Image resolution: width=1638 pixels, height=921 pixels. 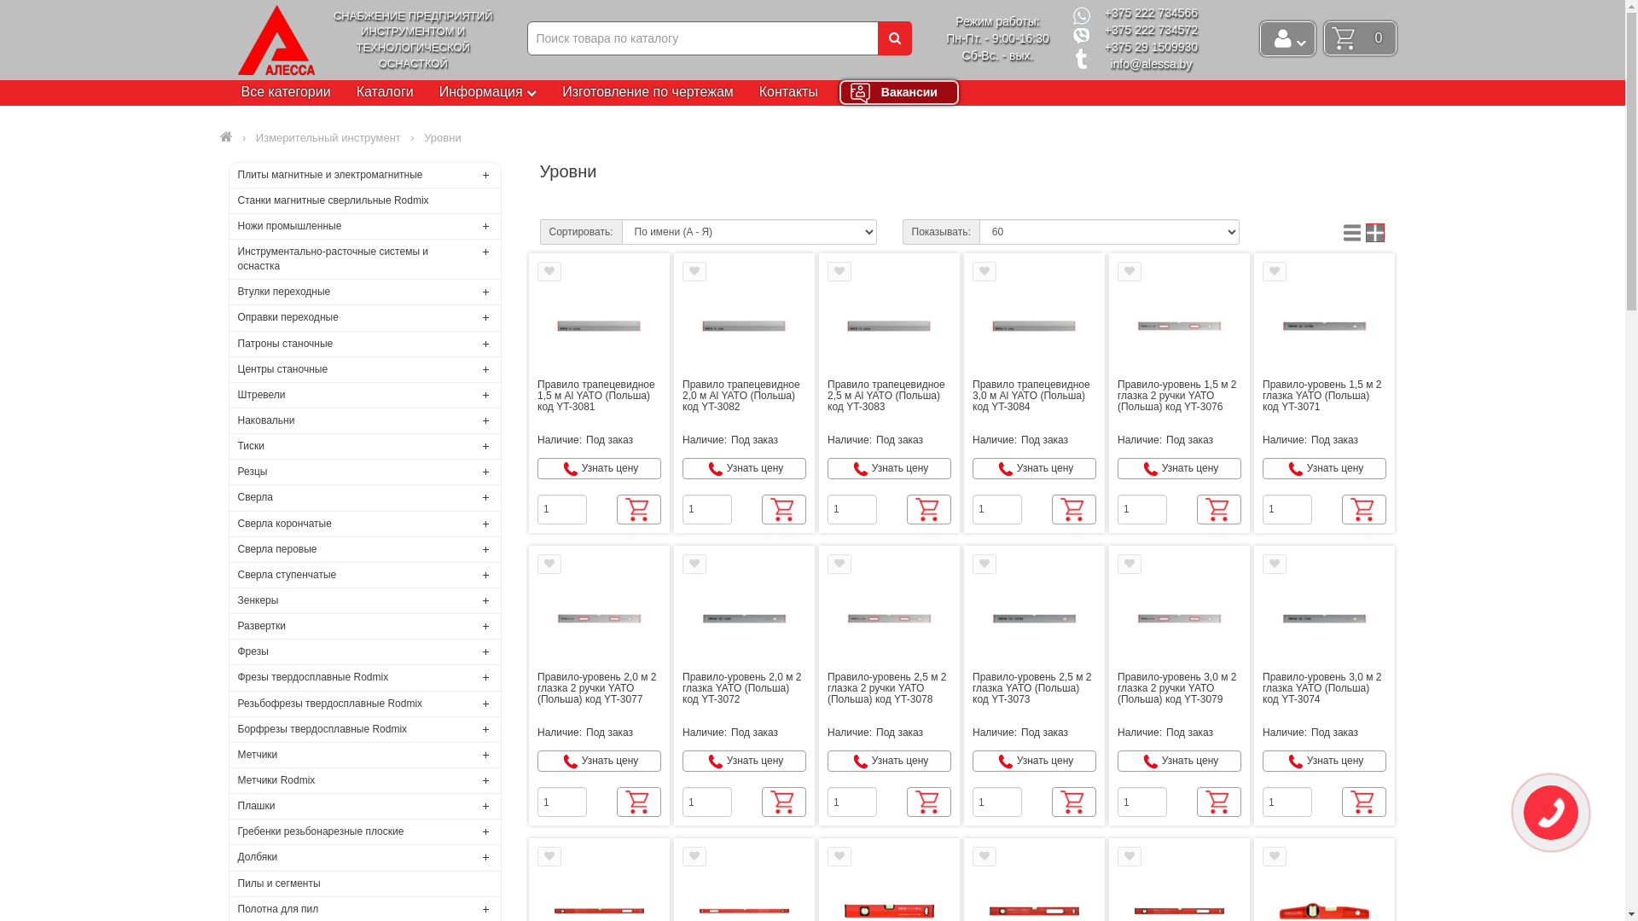 I want to click on '0', so click(x=1359, y=37).